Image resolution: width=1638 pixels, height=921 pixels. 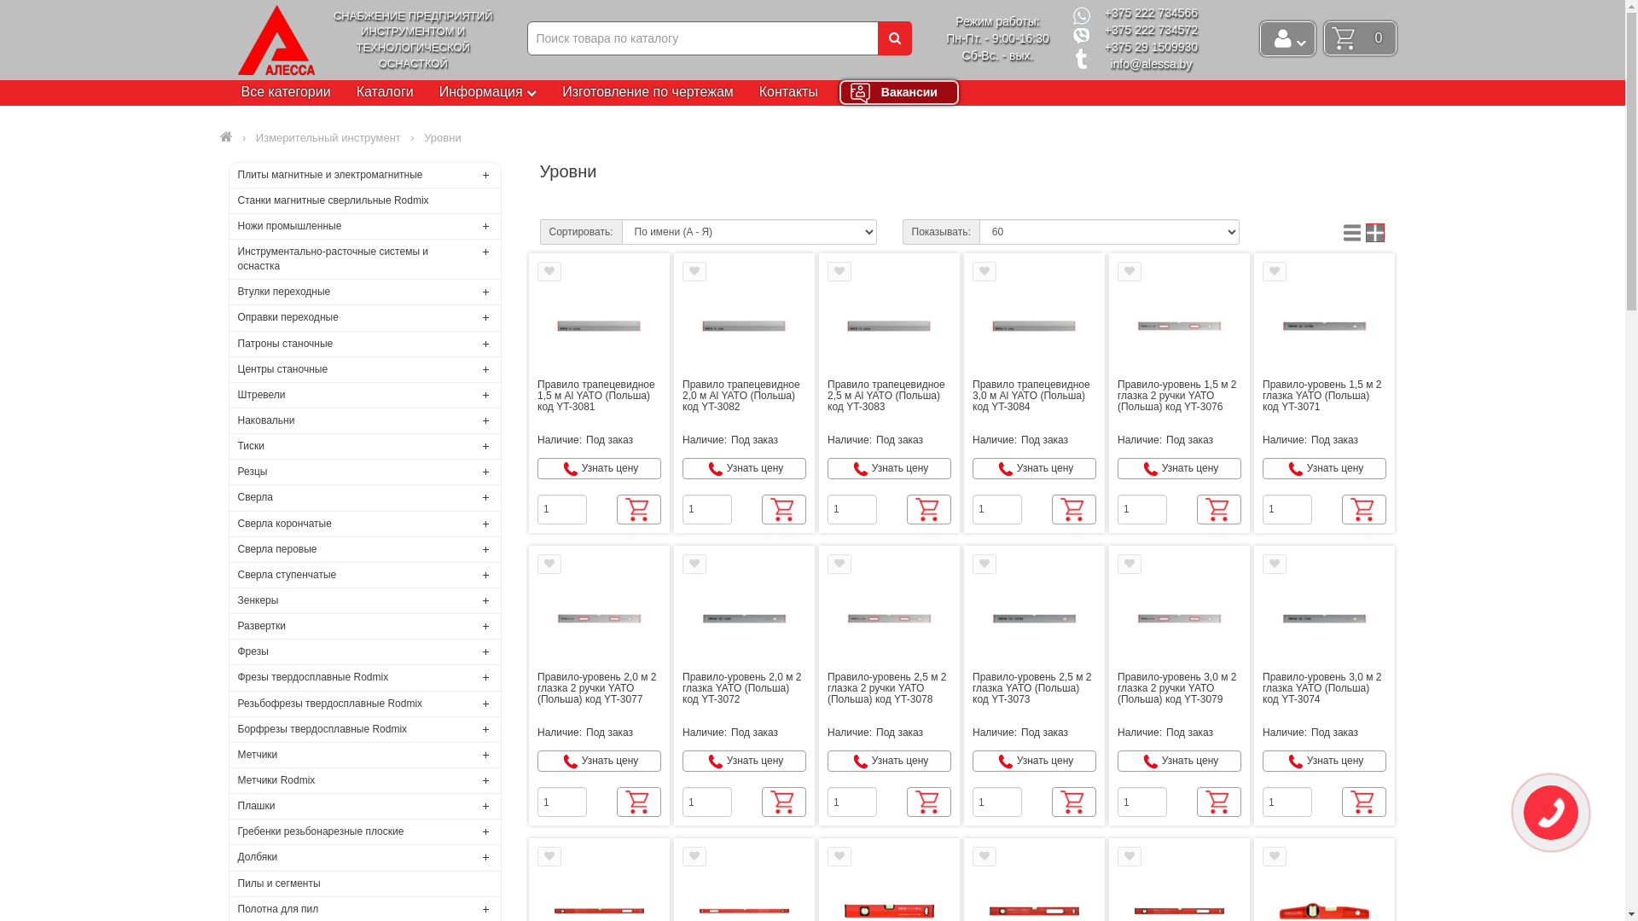 I want to click on '0', so click(x=1359, y=37).